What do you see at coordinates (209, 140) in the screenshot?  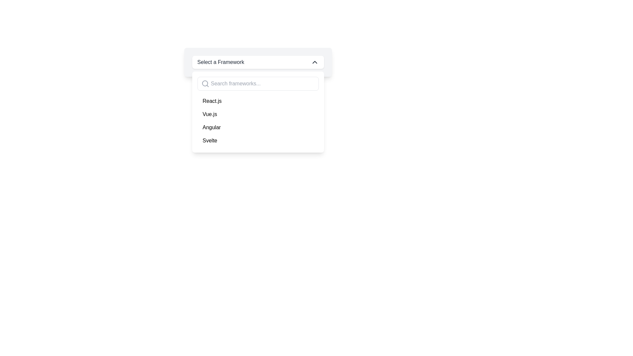 I see `the 'Svelte' text label, which is the fourth item in the dropdown list of framework names` at bounding box center [209, 140].